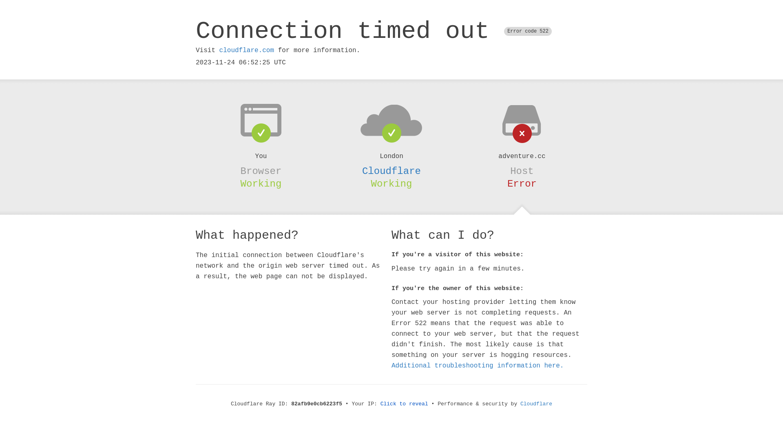 This screenshot has width=783, height=440. Describe the element at coordinates (536, 404) in the screenshot. I see `'Cloudflare'` at that location.